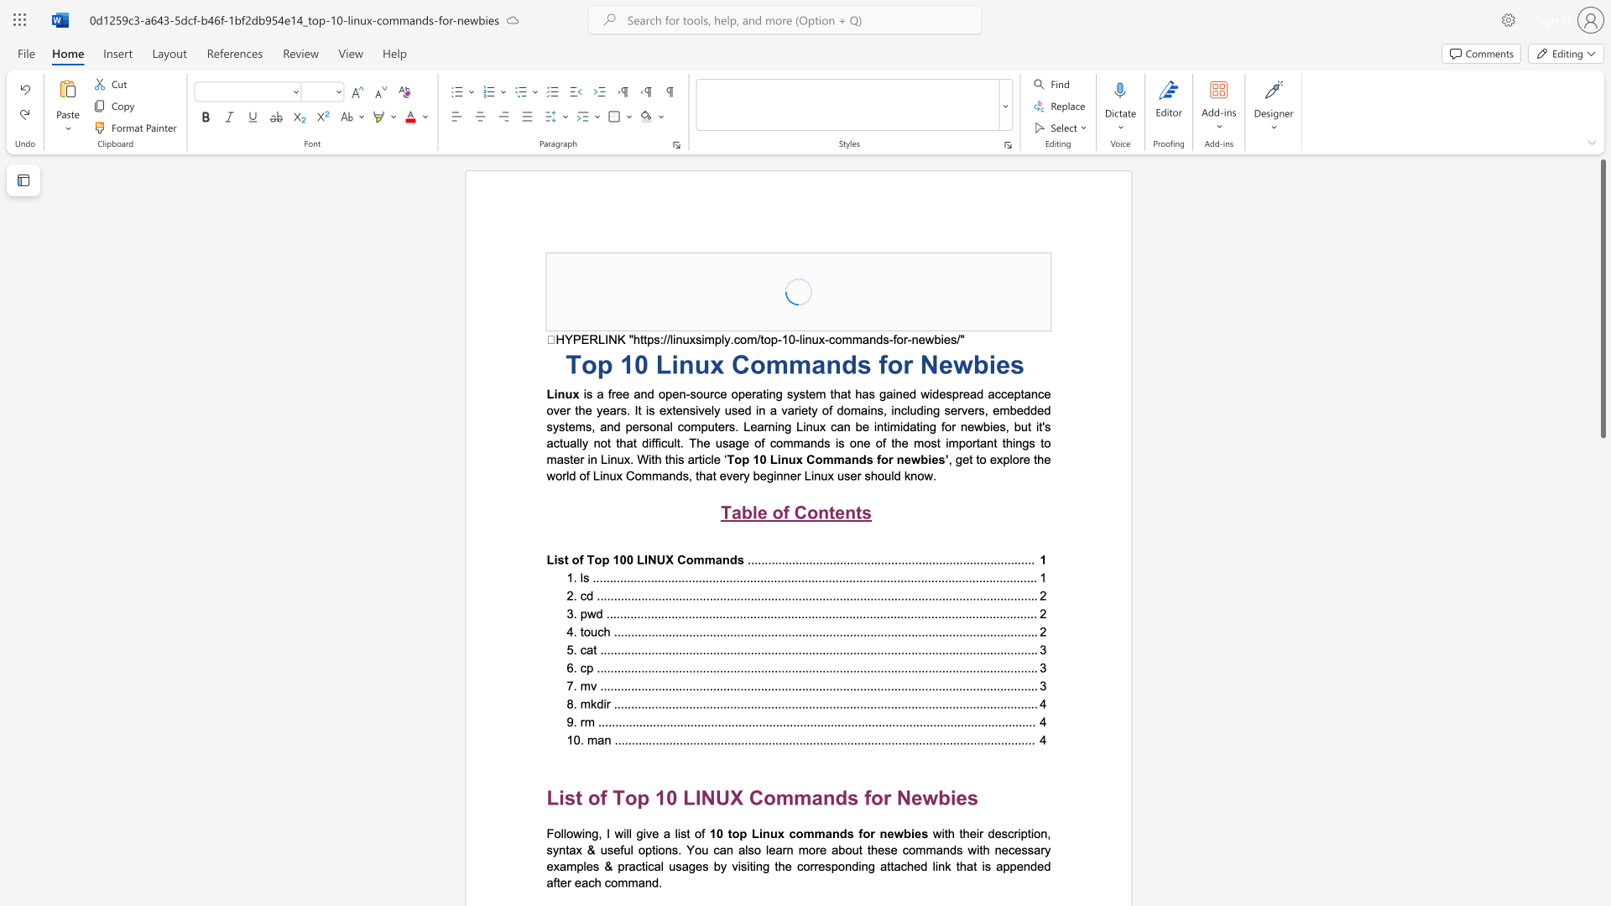 Image resolution: width=1611 pixels, height=906 pixels. I want to click on the scrollbar to move the view down, so click(1602, 746).